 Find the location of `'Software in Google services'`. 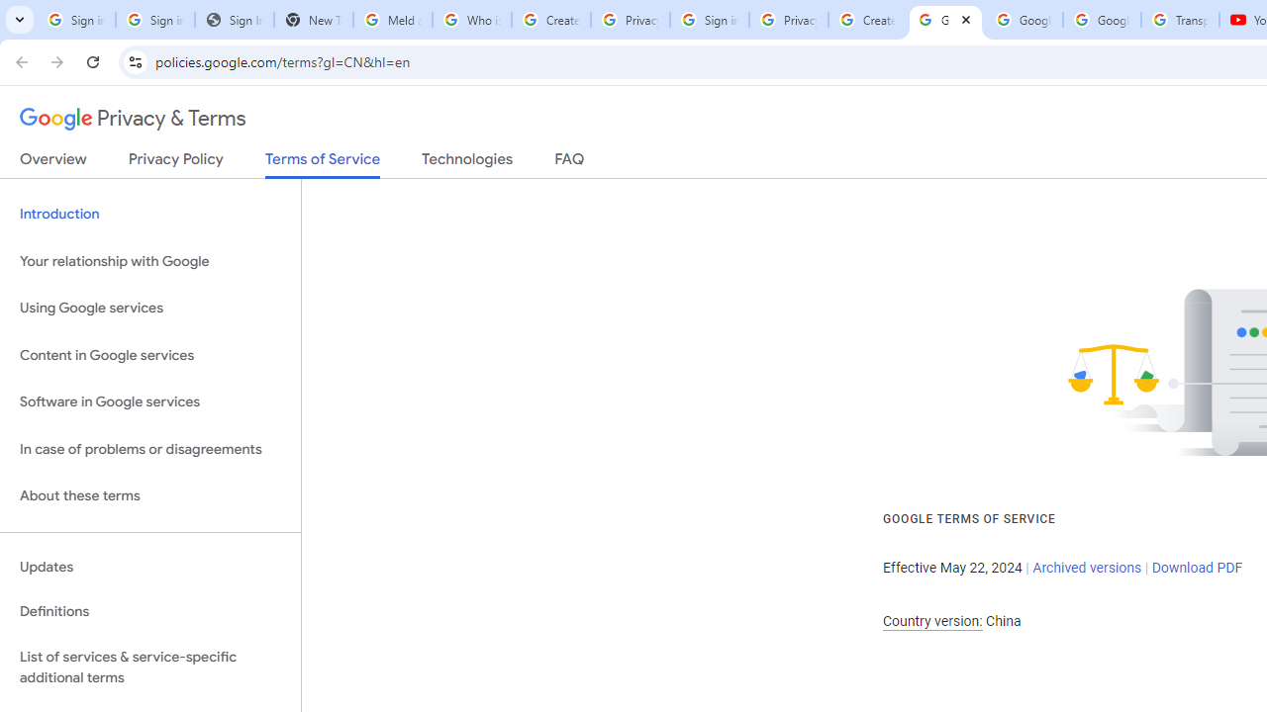

'Software in Google services' is located at coordinates (149, 401).